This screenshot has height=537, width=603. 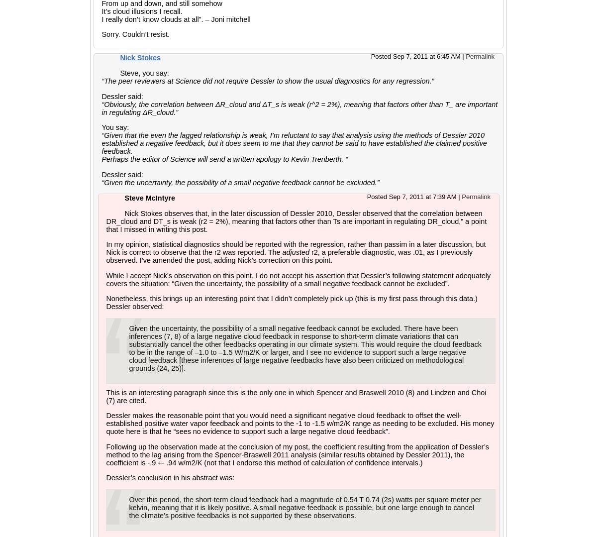 I want to click on 'You say:', so click(x=115, y=127).